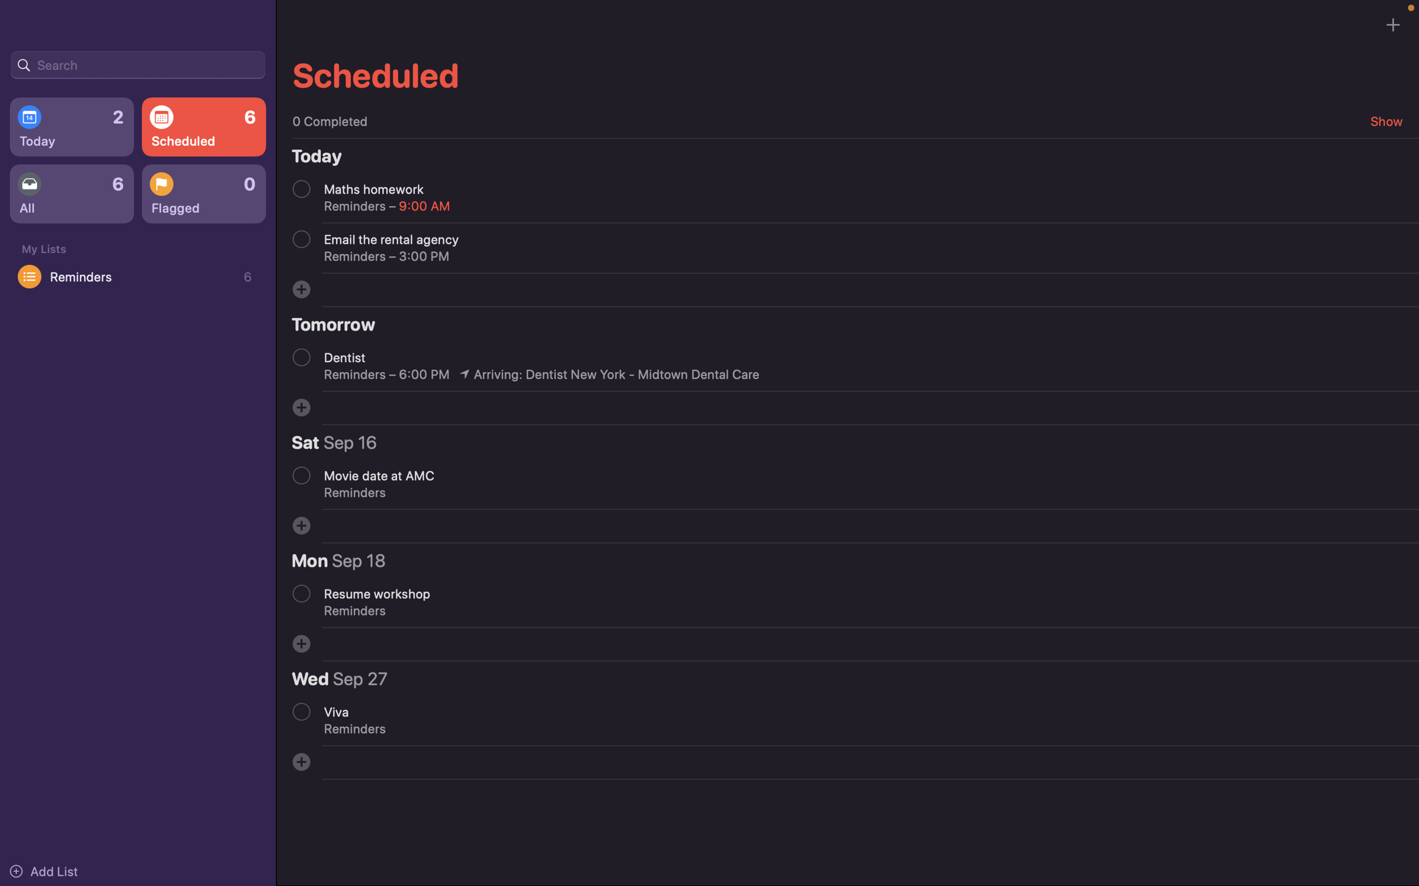 The height and width of the screenshot is (886, 1419). I want to click on Enter a new event titled "Project deadline", so click(301, 288).